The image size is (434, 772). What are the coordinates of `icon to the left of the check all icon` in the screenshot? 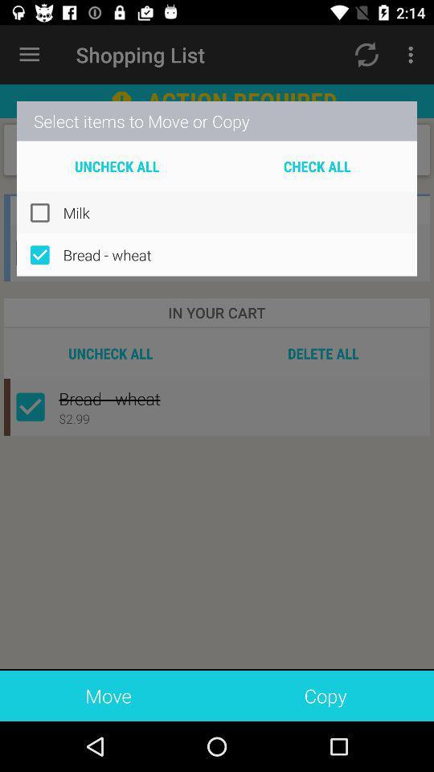 It's located at (116, 166).